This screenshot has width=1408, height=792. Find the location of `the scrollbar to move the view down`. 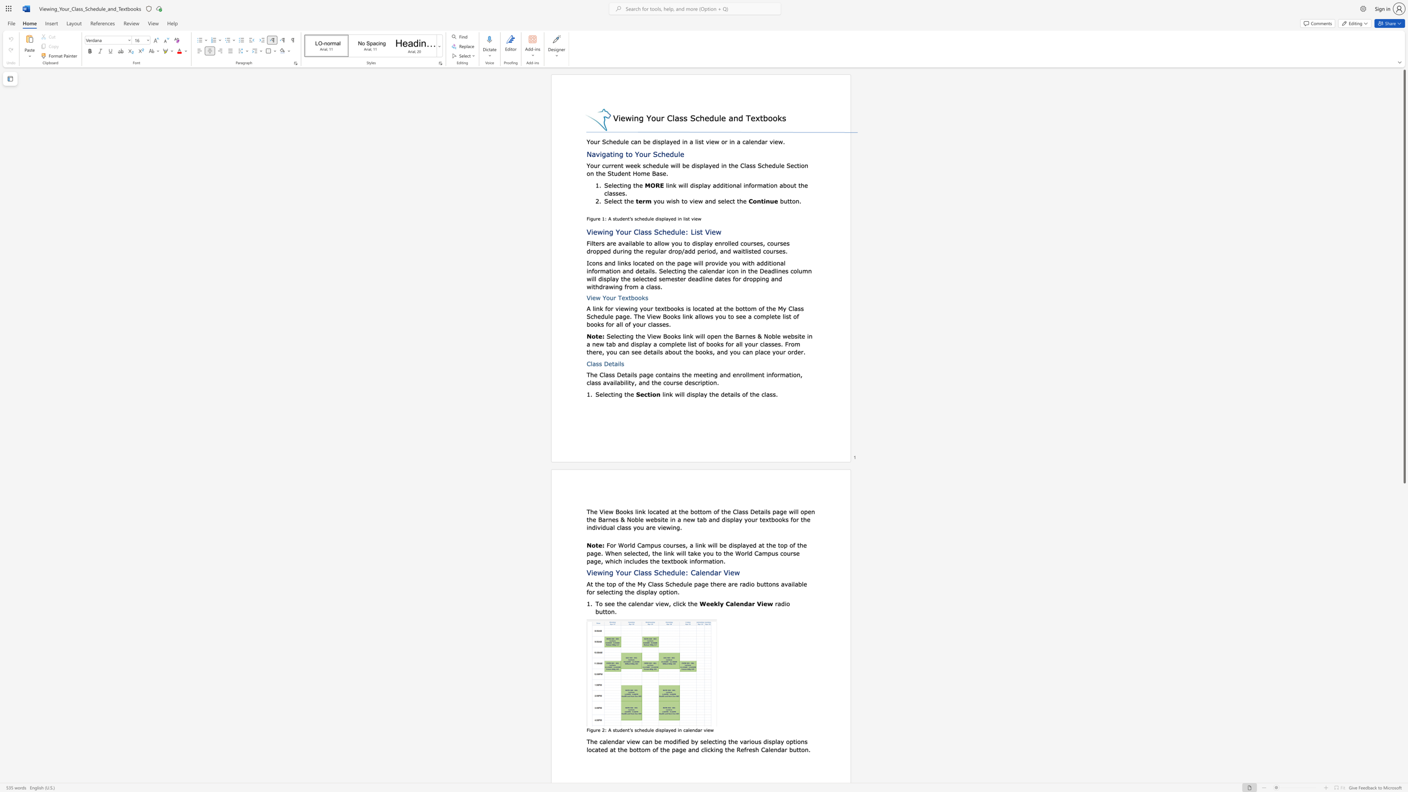

the scrollbar to move the view down is located at coordinates (1404, 561).